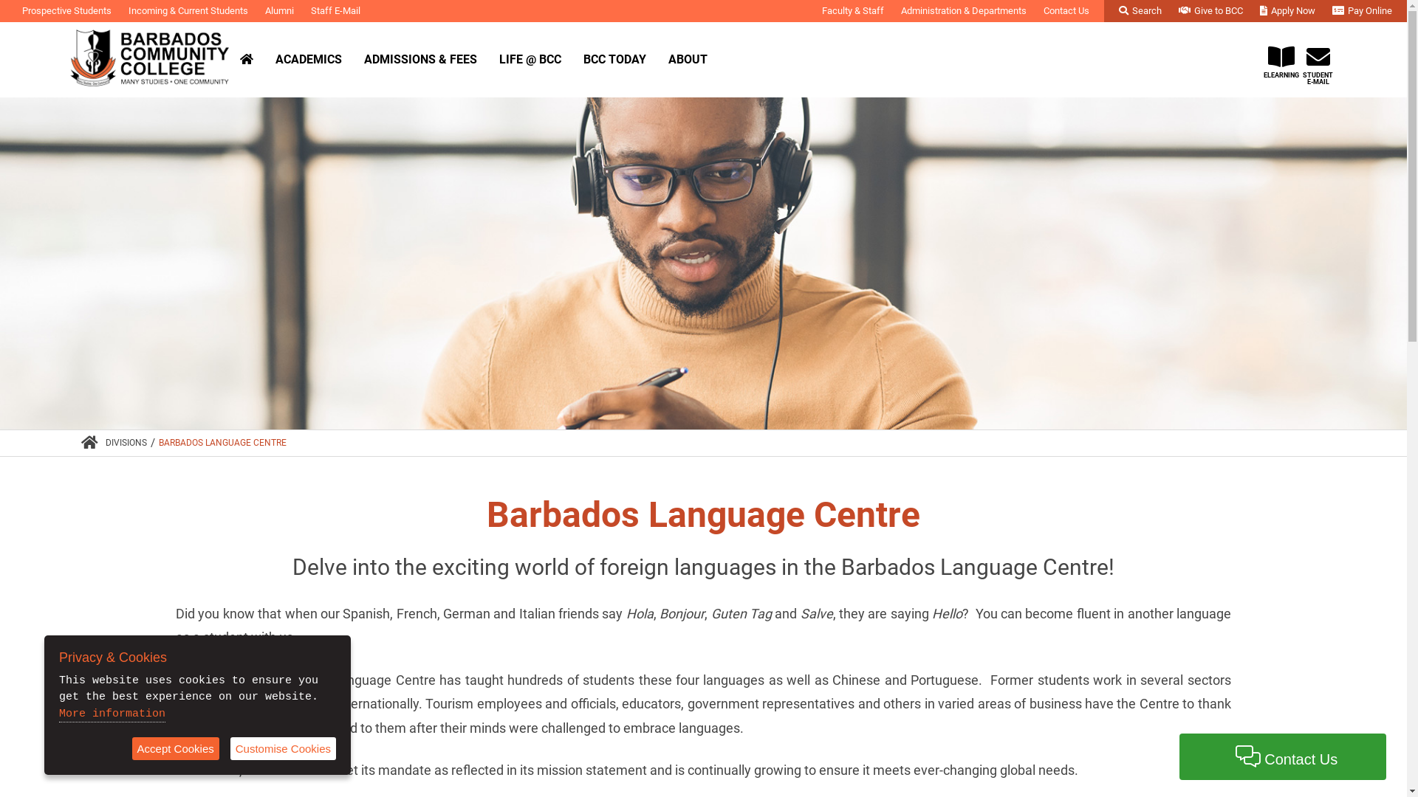  What do you see at coordinates (1140, 10) in the screenshot?
I see `'Search'` at bounding box center [1140, 10].